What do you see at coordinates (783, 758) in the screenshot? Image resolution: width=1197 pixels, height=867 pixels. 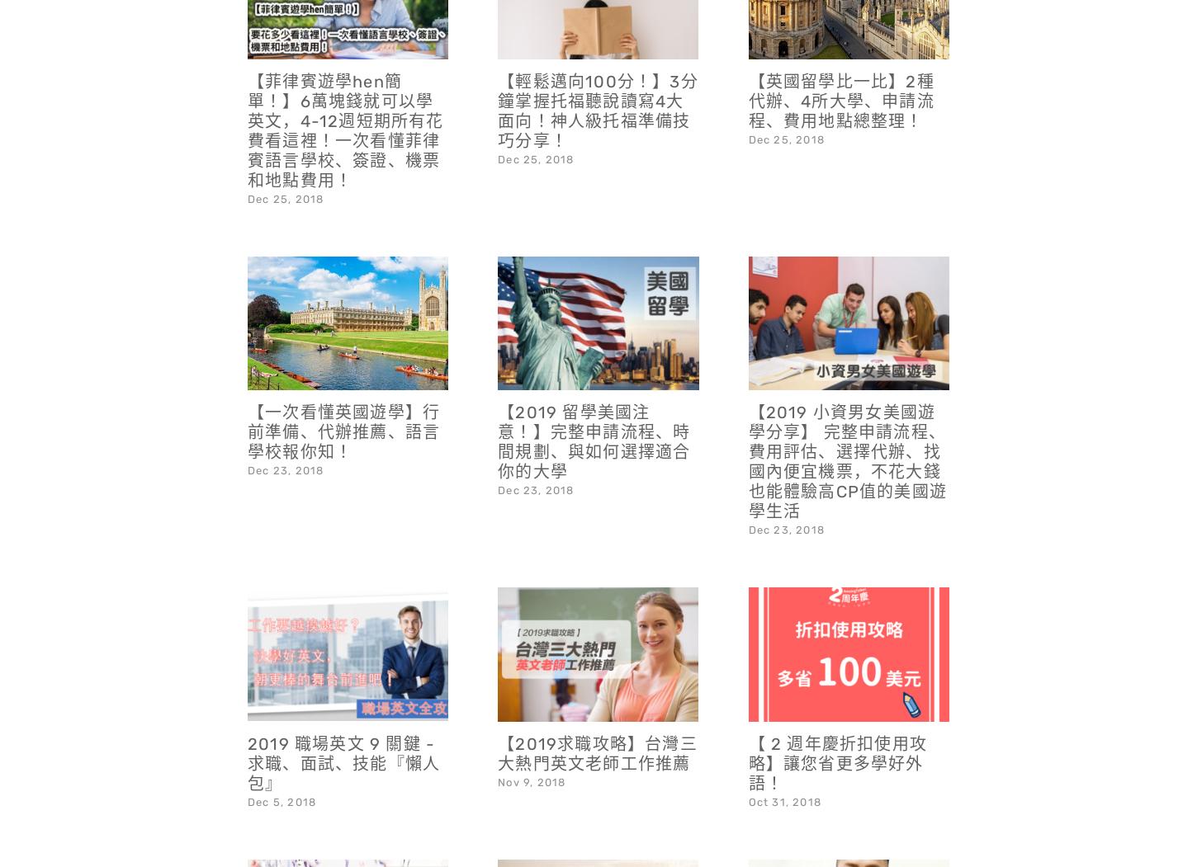 I see `'Oct 31, 2018'` at bounding box center [783, 758].